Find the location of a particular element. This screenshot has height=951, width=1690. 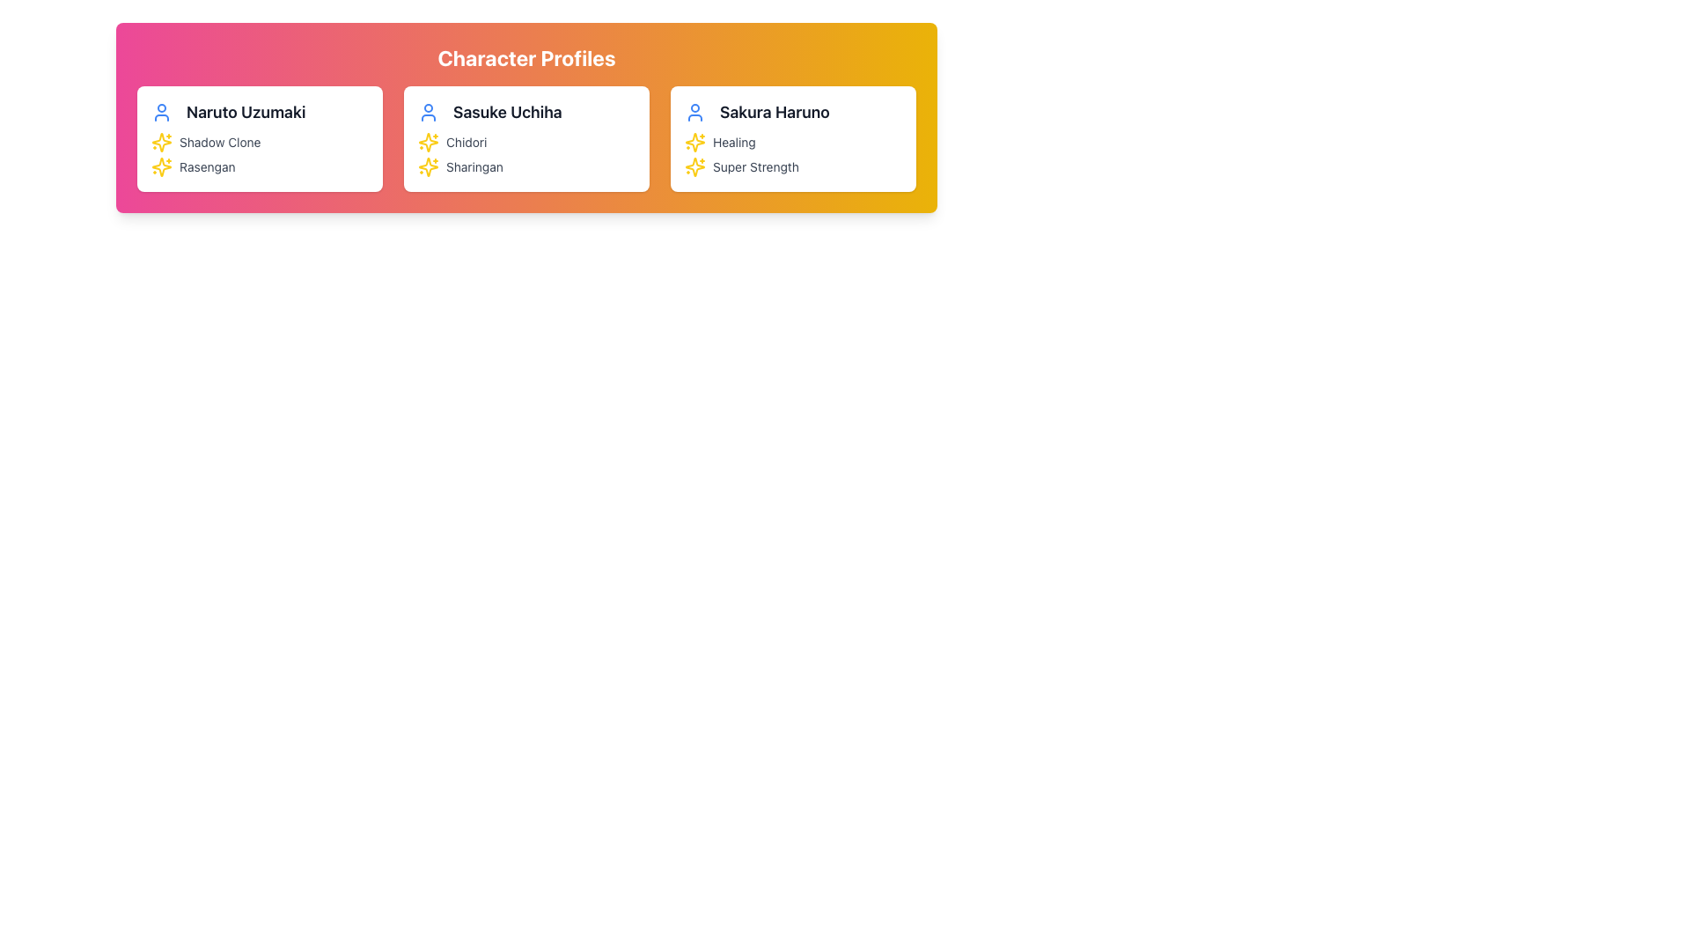

the first star-shaped icon below the name of the character 'Naruto Uzumaki', which symbolizes an attribute or ability associated with the profile is located at coordinates (161, 166).